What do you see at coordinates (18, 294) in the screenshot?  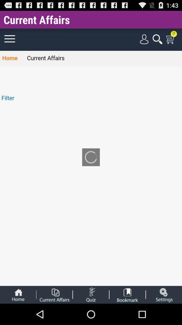 I see `home` at bounding box center [18, 294].